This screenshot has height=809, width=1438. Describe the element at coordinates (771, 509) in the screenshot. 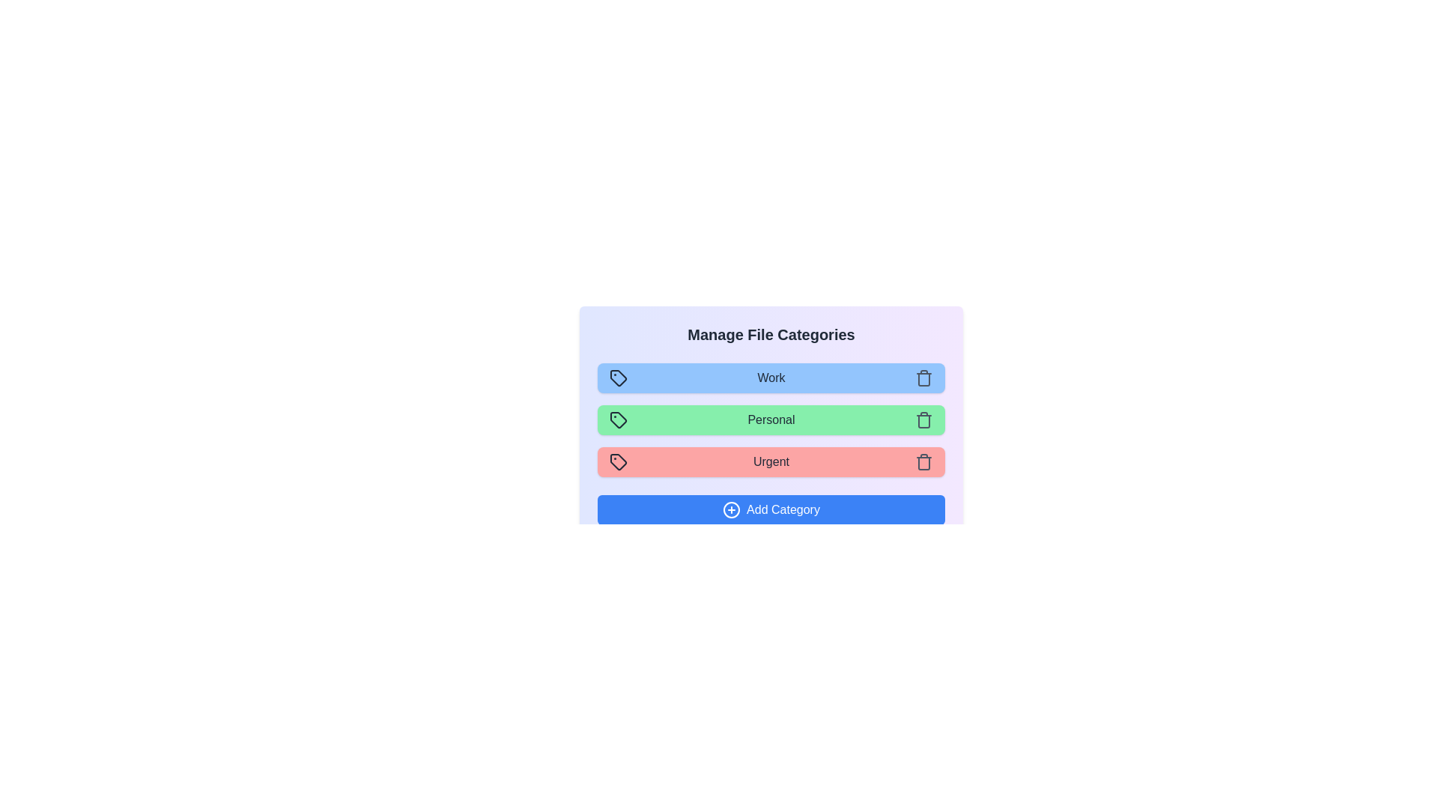

I see `the 'Add Category' button to add a new category` at that location.